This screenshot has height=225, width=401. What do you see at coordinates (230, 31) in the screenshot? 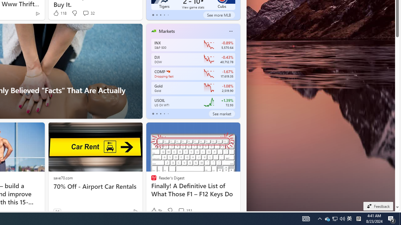
I see `'Class: icon-img'` at bounding box center [230, 31].